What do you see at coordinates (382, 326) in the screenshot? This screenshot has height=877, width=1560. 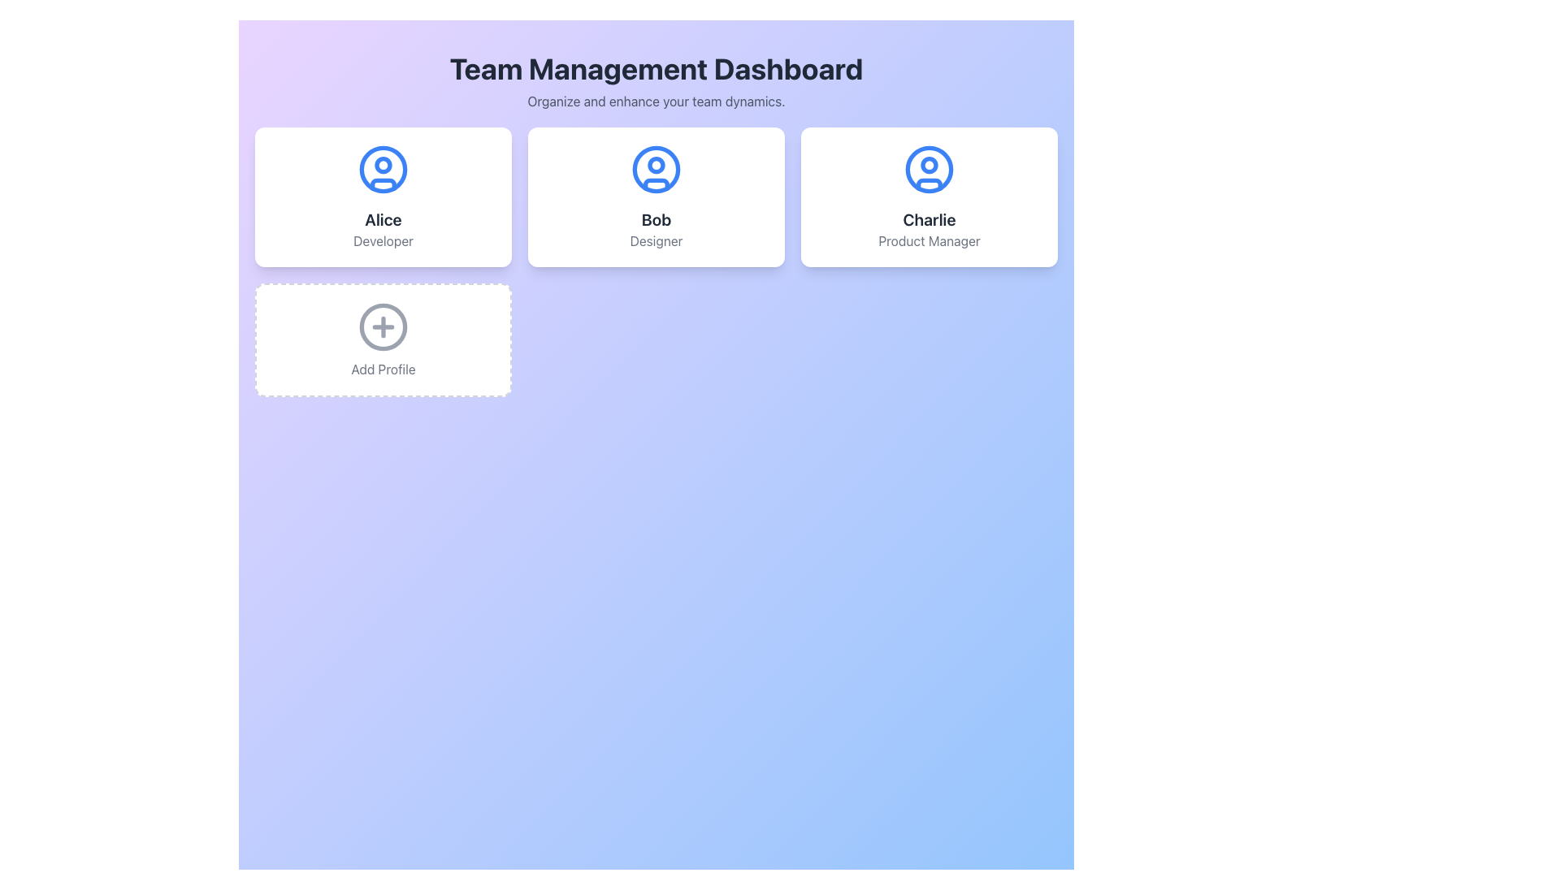 I see `the 'Add Profile' icon button located in the lower row of the profile grid` at bounding box center [382, 326].